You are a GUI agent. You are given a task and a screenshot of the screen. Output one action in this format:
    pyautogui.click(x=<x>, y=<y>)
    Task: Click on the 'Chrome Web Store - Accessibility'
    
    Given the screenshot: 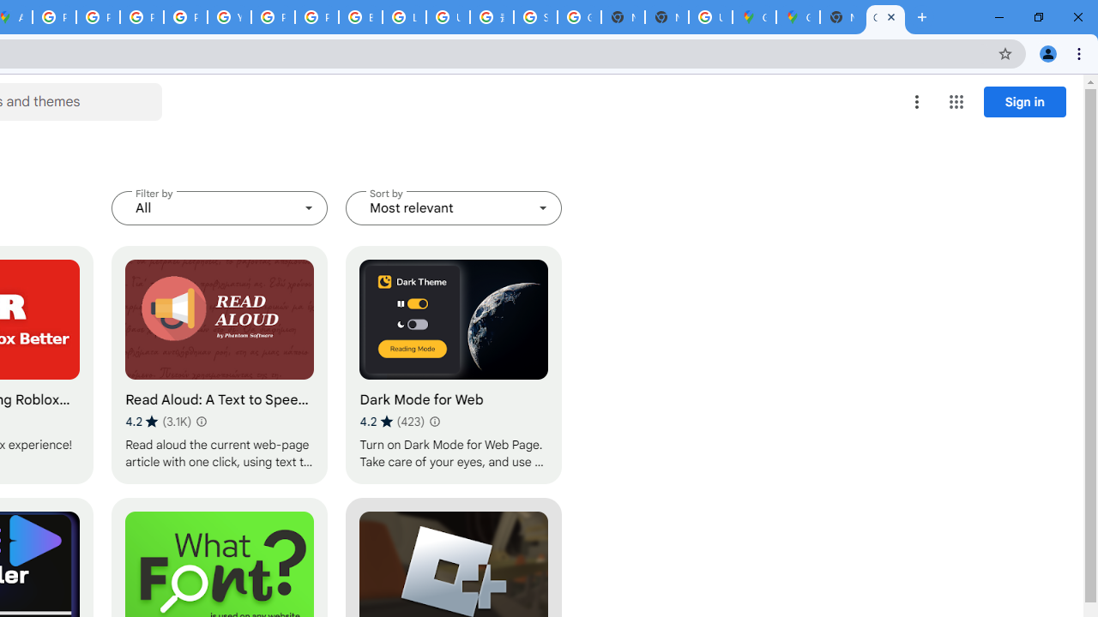 What is the action you would take?
    pyautogui.click(x=885, y=17)
    